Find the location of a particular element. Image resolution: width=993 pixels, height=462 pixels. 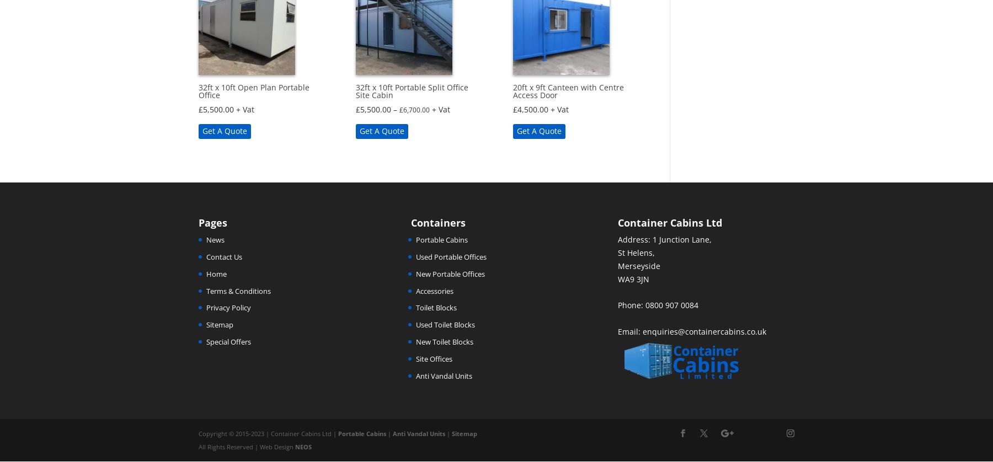

'New Toilet Blocks' is located at coordinates (444, 342).